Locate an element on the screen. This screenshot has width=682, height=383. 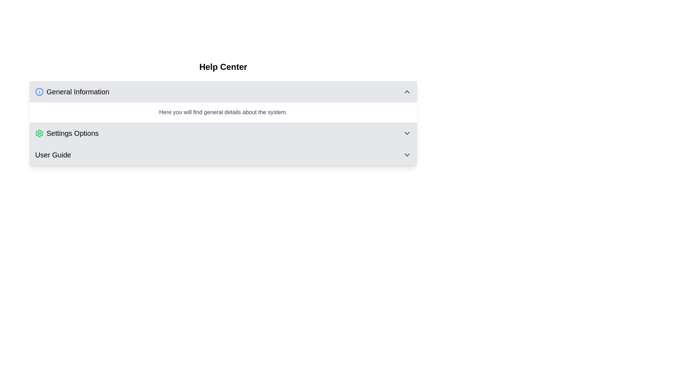
the 'Settings Options' menu item, which features a green gear icon and bold text, located in the second row of the 'Help Center' list is located at coordinates (67, 133).